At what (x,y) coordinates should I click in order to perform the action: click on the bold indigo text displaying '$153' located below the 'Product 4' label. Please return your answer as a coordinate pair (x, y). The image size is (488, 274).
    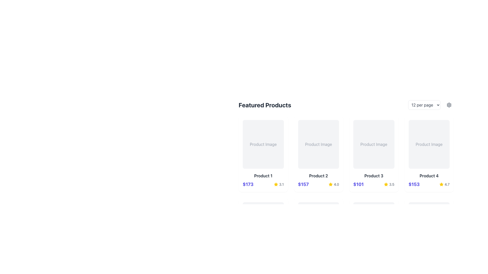
    Looking at the image, I should click on (414, 184).